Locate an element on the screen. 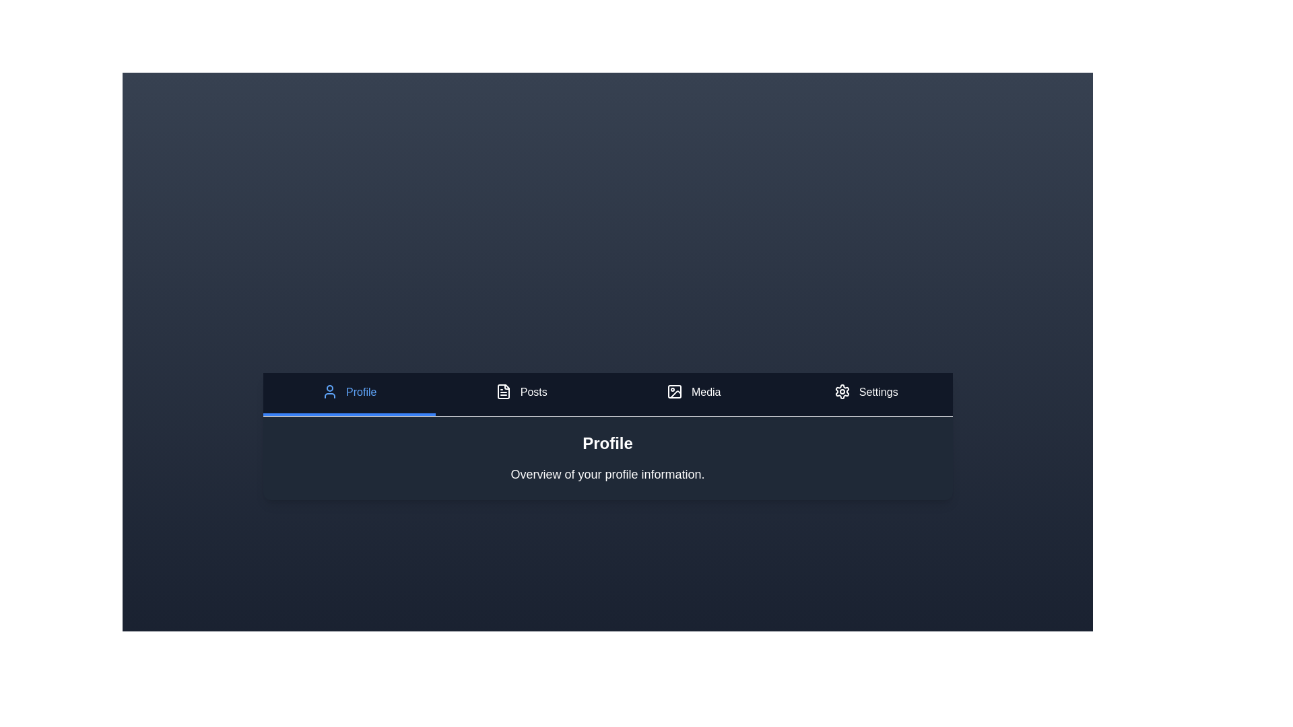 The height and width of the screenshot is (727, 1293). the tab corresponding to Profile to display its content is located at coordinates (349, 394).